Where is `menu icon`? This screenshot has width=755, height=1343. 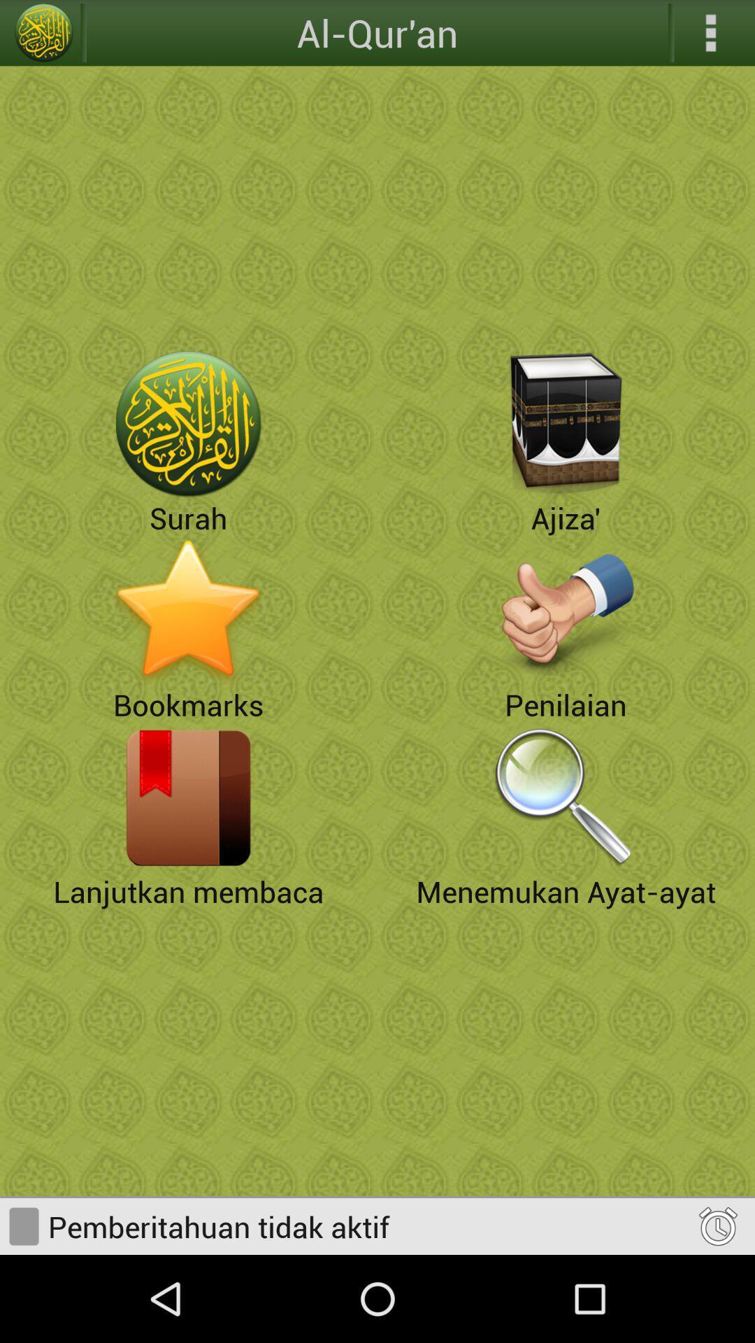 menu icon is located at coordinates (711, 33).